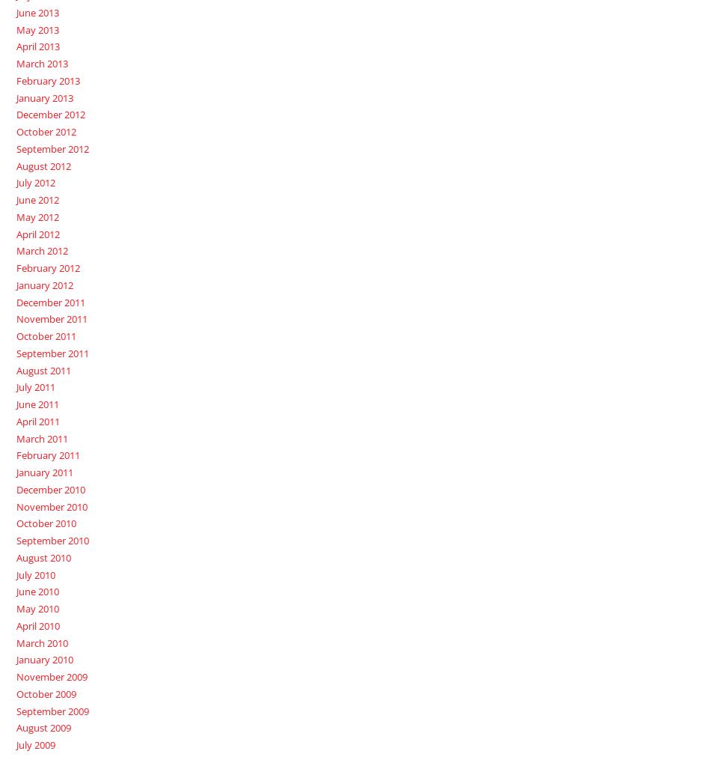 The image size is (711, 757). Describe the element at coordinates (15, 318) in the screenshot. I see `'November 2011'` at that location.